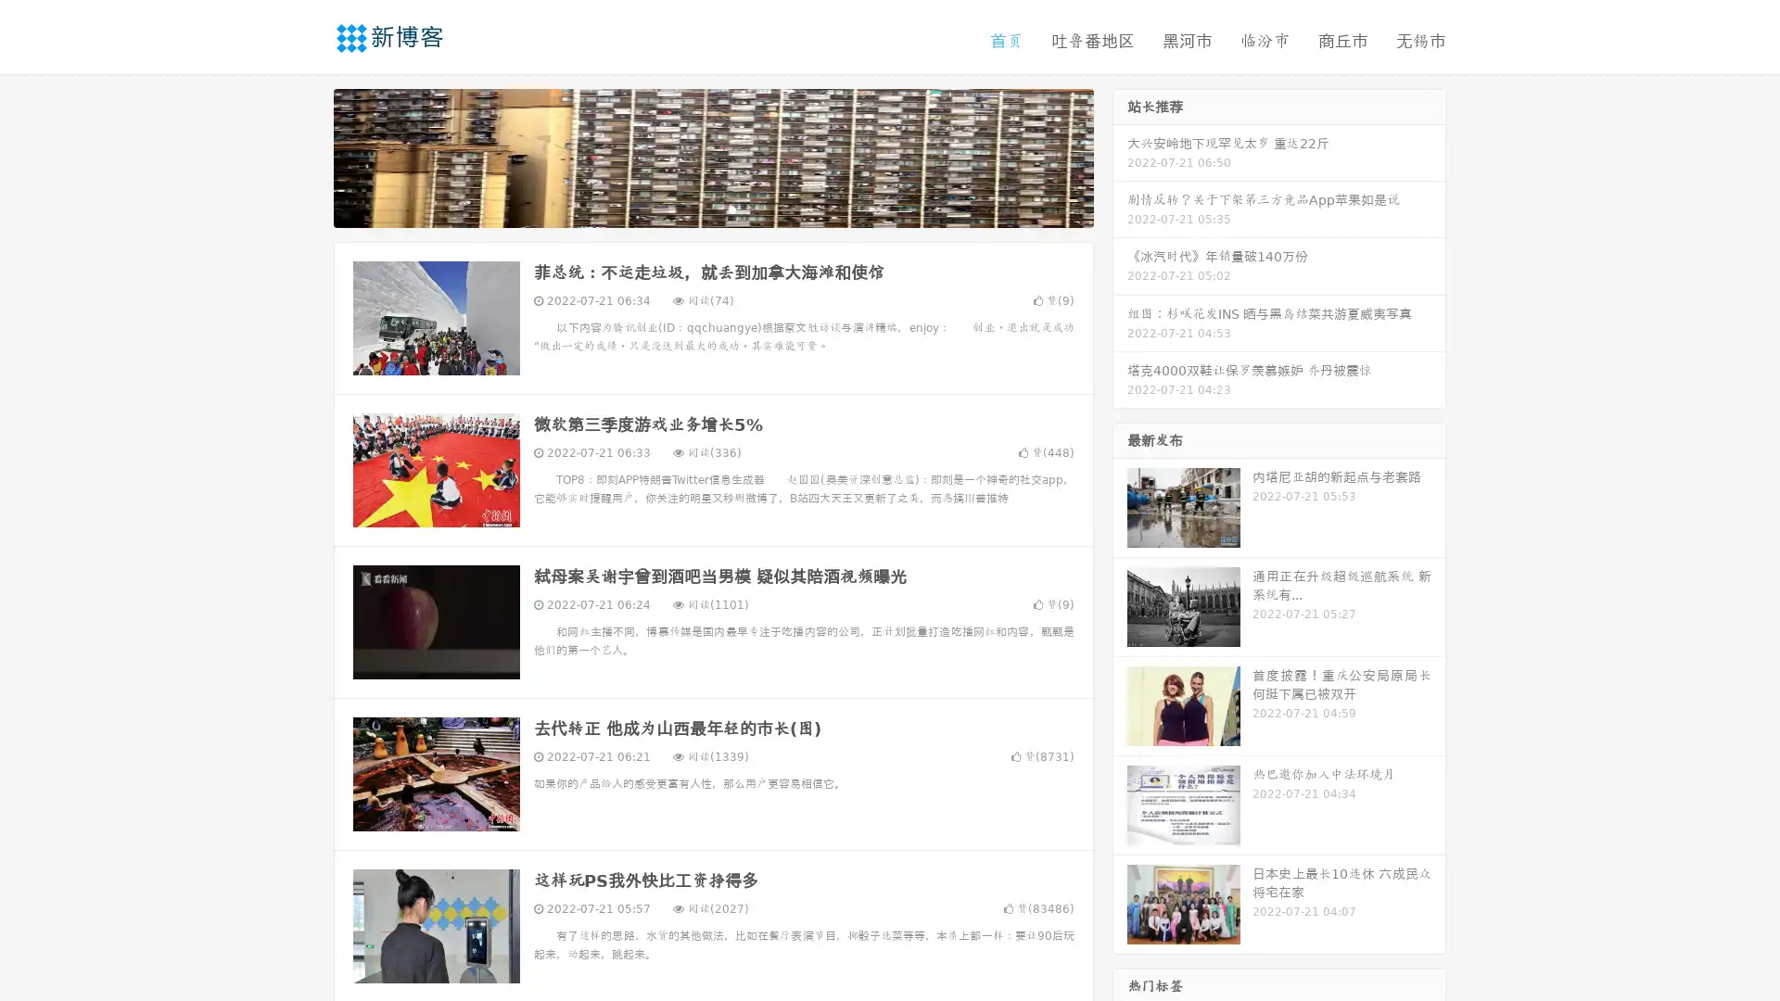 The image size is (1780, 1001). I want to click on Go to slide 2, so click(712, 209).